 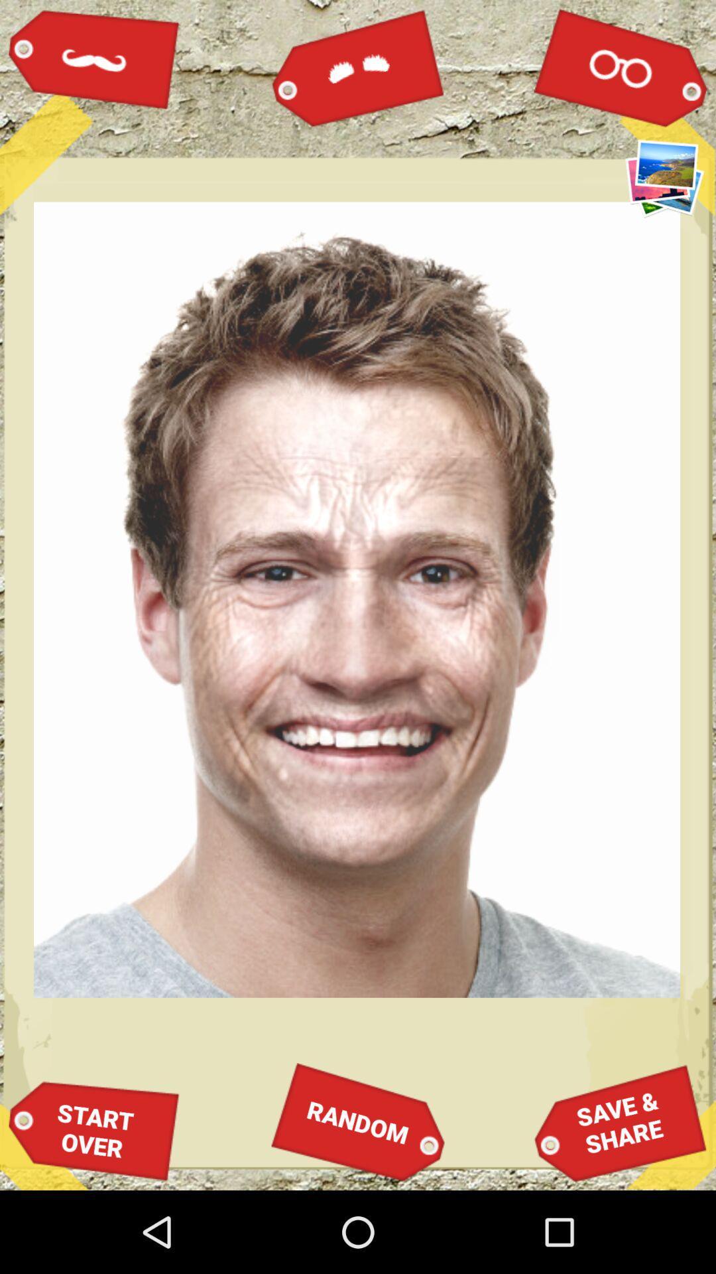 I want to click on random item, so click(x=358, y=1121).